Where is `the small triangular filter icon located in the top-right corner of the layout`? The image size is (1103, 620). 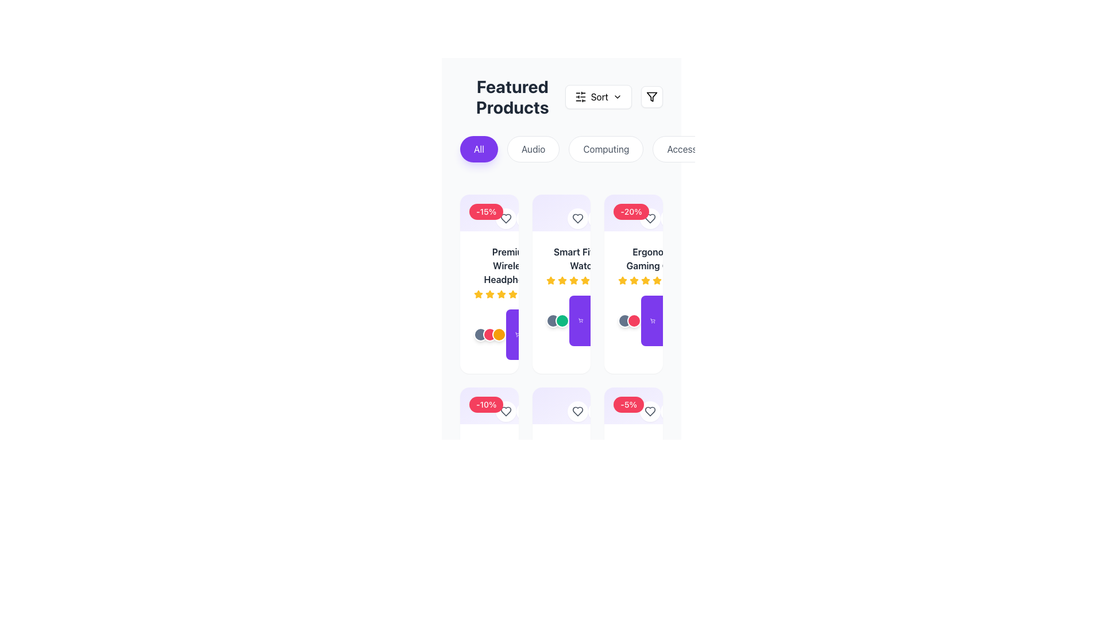
the small triangular filter icon located in the top-right corner of the layout is located at coordinates (651, 96).